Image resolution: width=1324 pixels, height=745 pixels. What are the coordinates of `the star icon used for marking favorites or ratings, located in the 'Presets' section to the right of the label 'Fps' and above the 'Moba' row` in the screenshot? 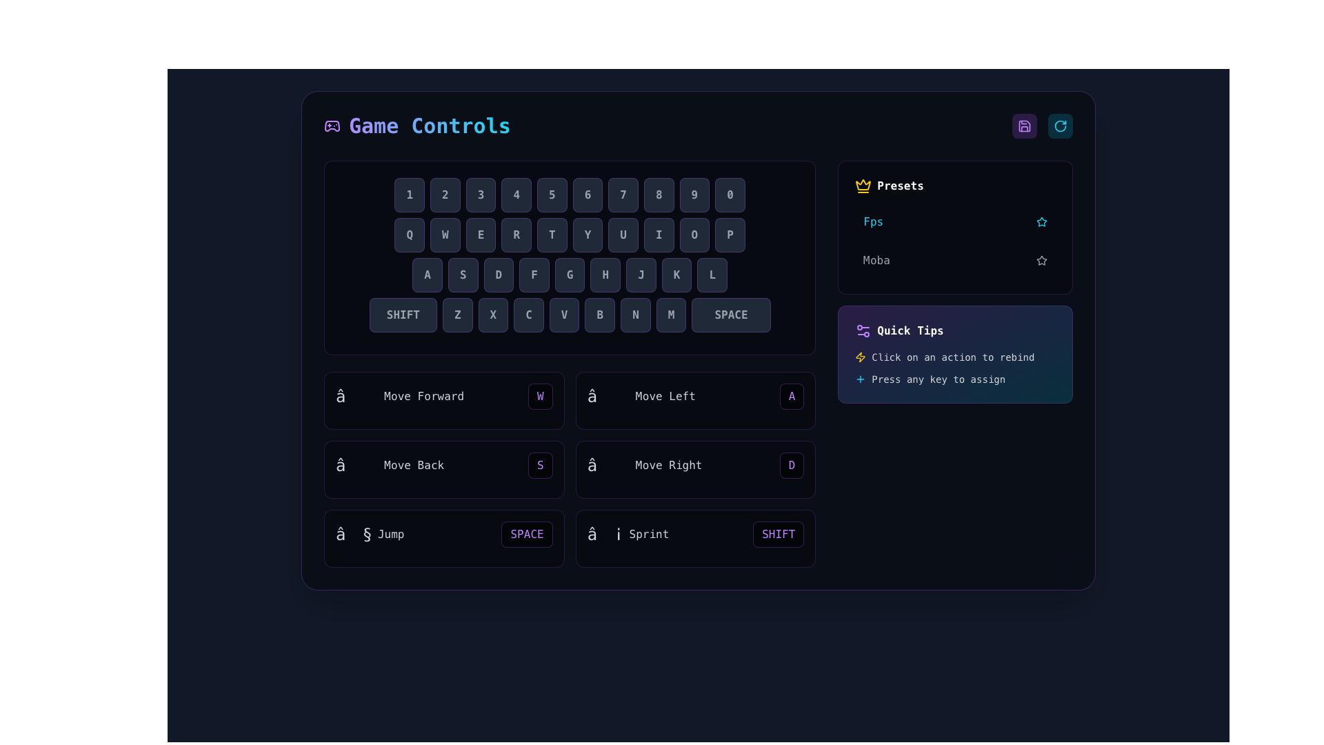 It's located at (1042, 260).